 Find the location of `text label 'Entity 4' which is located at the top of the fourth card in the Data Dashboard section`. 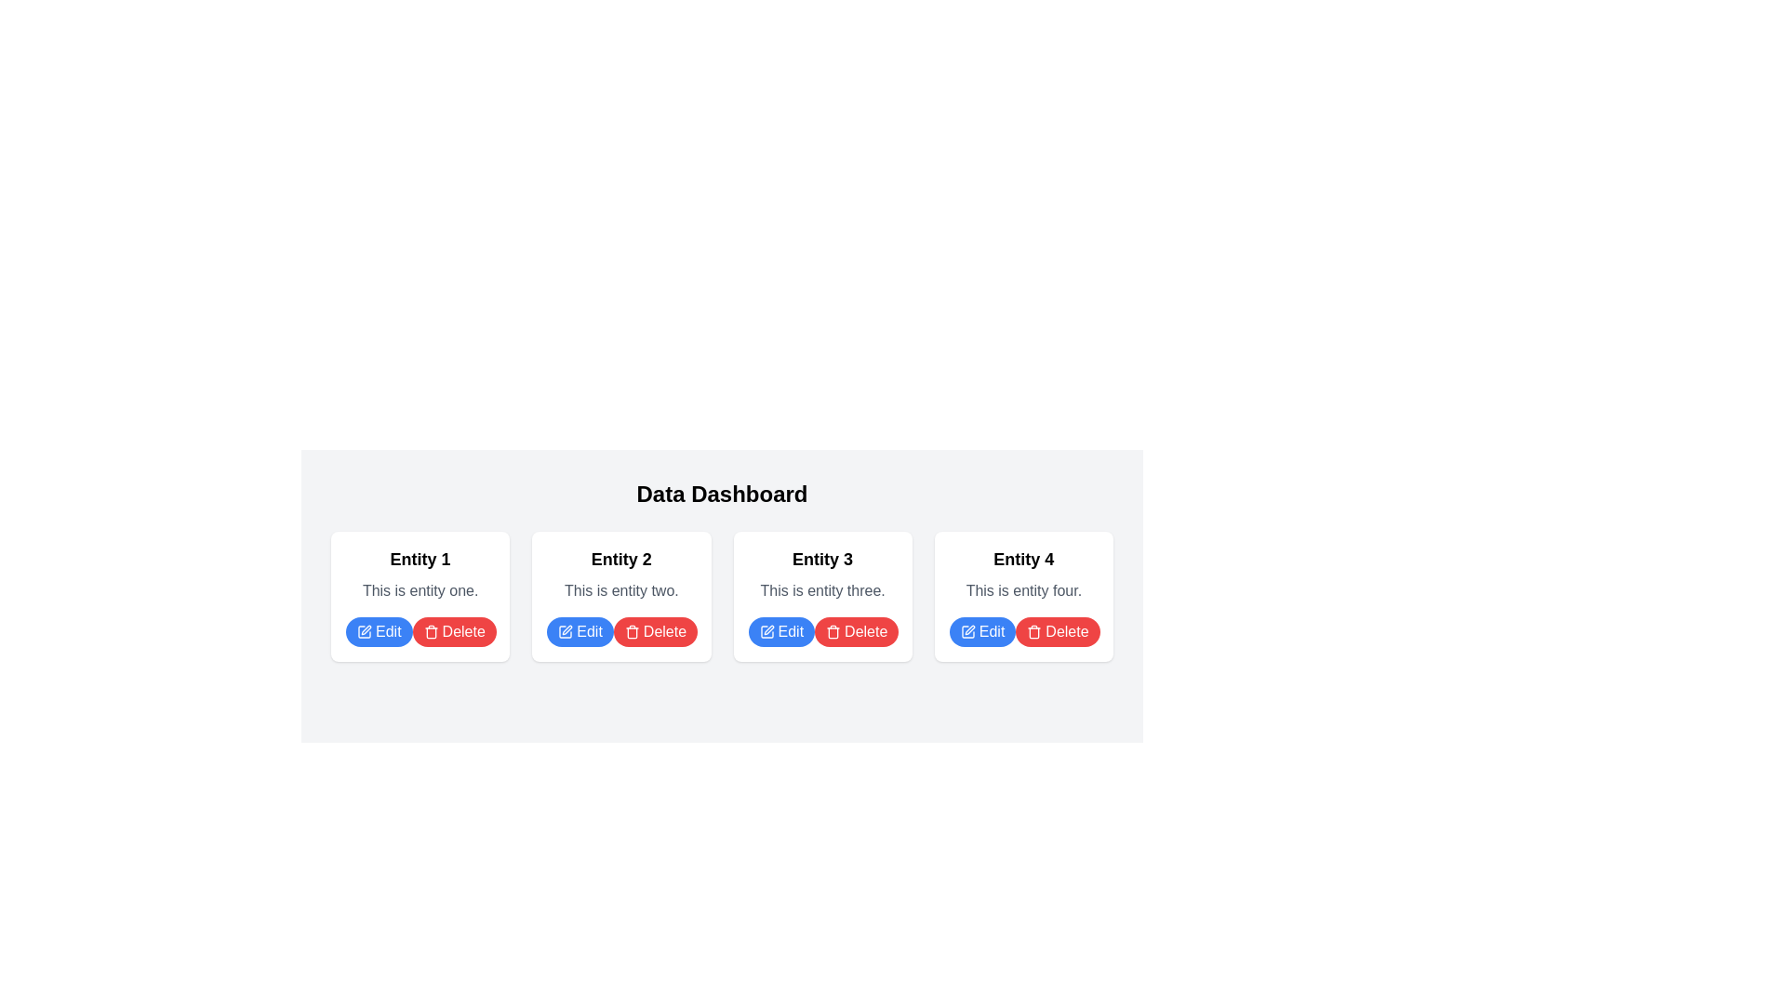

text label 'Entity 4' which is located at the top of the fourth card in the Data Dashboard section is located at coordinates (1022, 558).